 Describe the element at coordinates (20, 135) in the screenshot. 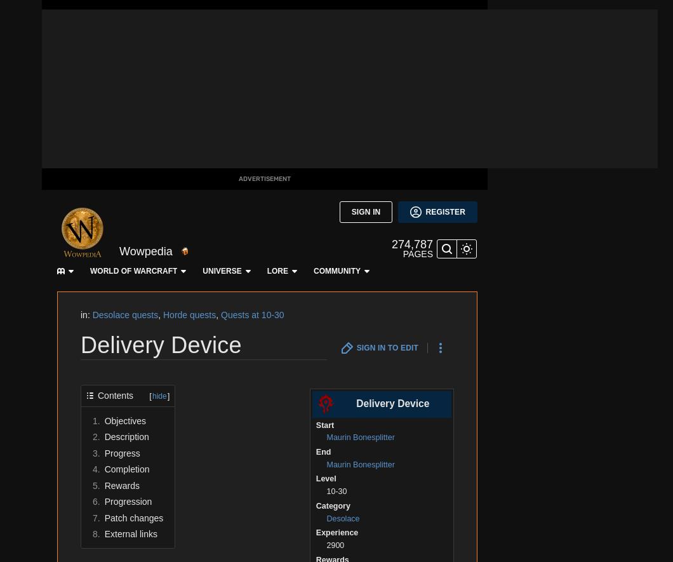

I see `'BETA'` at that location.